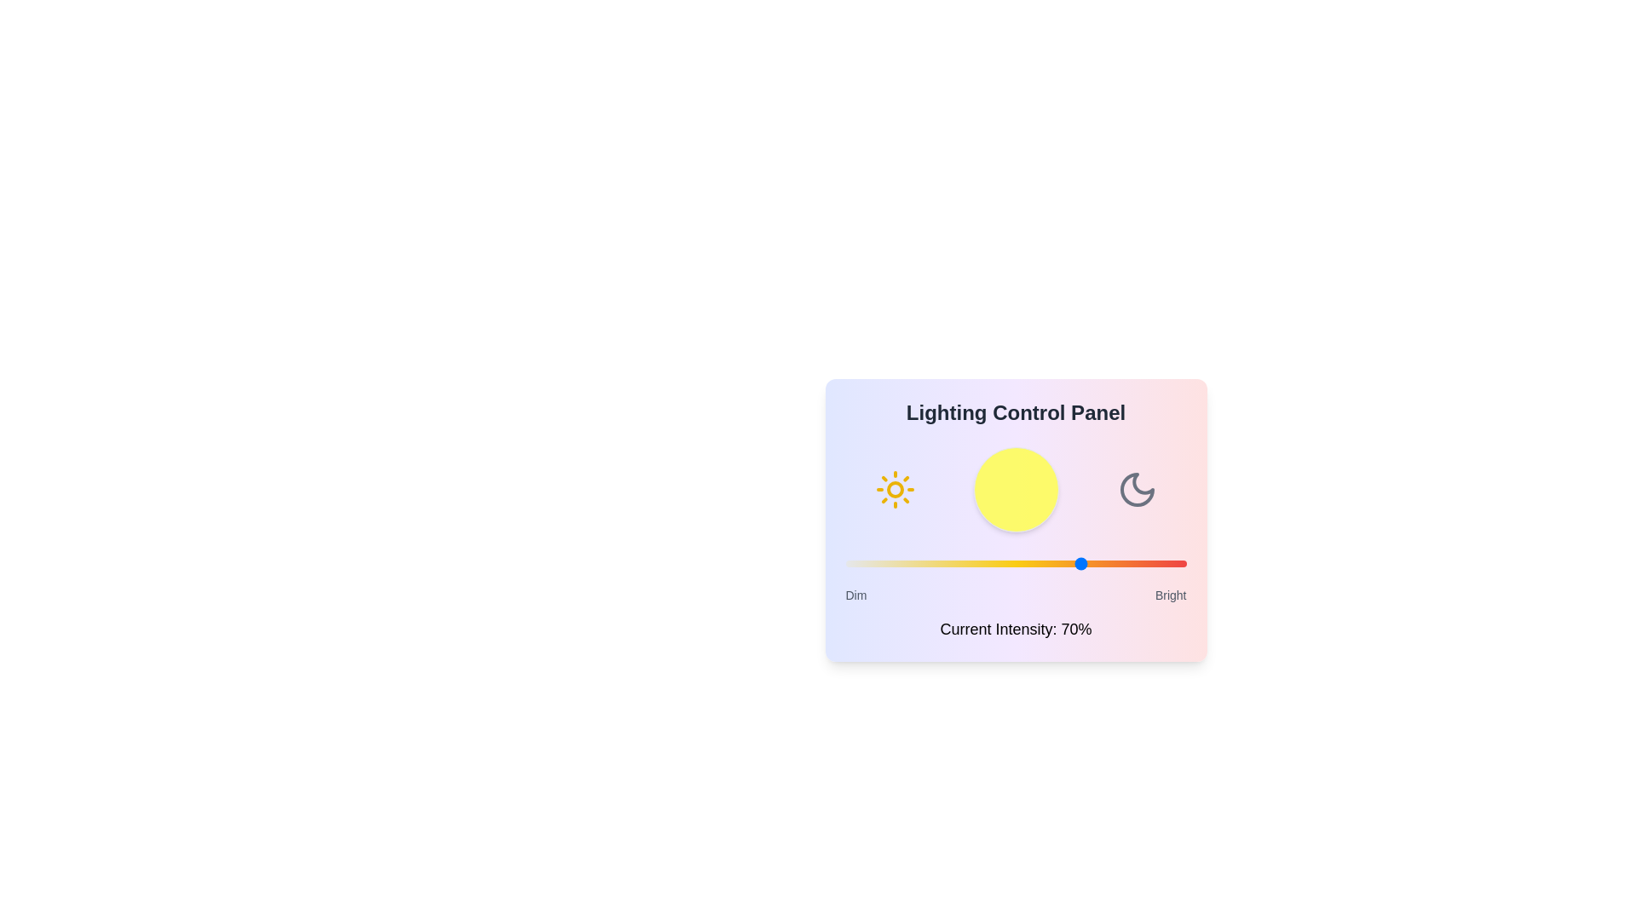 The image size is (1636, 920). Describe the element at coordinates (1132, 564) in the screenshot. I see `the lighting intensity to 84% by dragging the slider` at that location.